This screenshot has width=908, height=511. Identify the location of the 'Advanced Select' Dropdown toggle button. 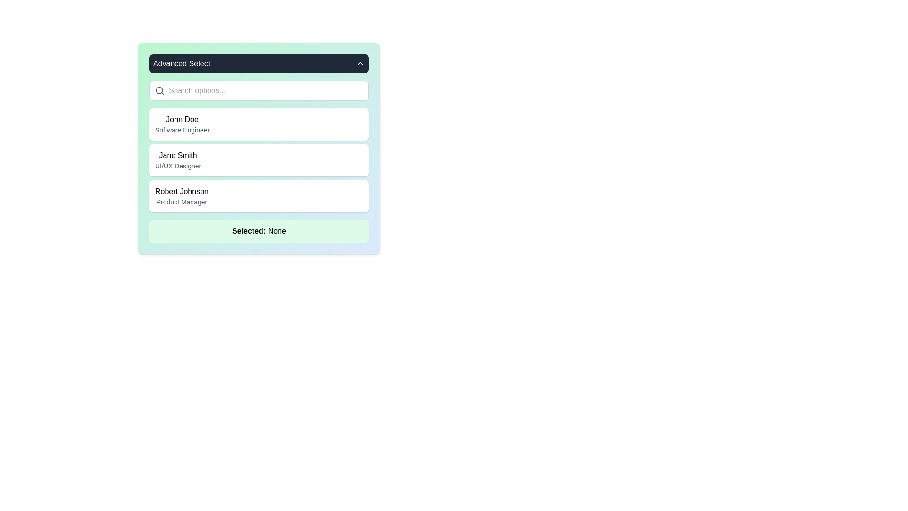
(259, 64).